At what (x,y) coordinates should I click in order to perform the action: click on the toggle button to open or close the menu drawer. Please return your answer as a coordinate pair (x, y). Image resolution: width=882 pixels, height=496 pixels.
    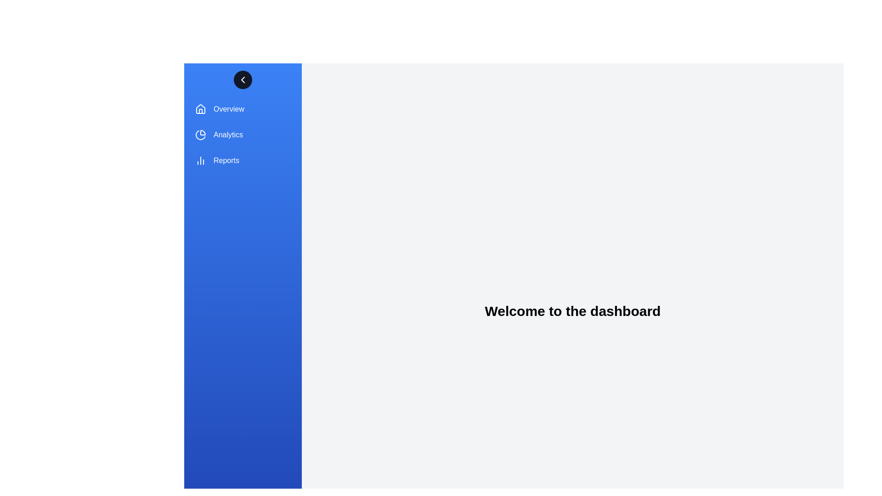
    Looking at the image, I should click on (243, 79).